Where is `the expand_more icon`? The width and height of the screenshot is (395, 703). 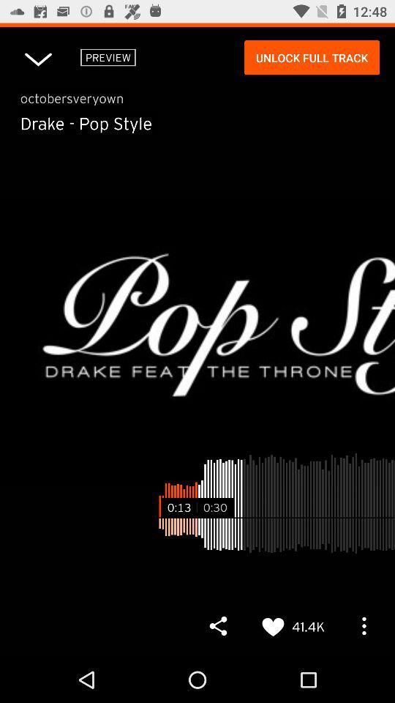
the expand_more icon is located at coordinates (38, 57).